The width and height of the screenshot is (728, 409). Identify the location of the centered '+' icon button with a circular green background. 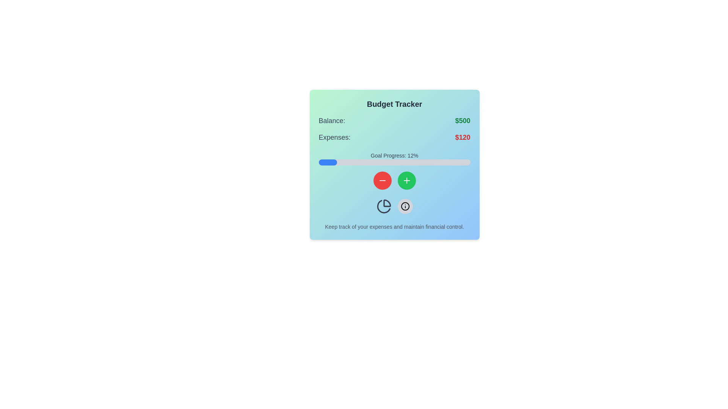
(406, 181).